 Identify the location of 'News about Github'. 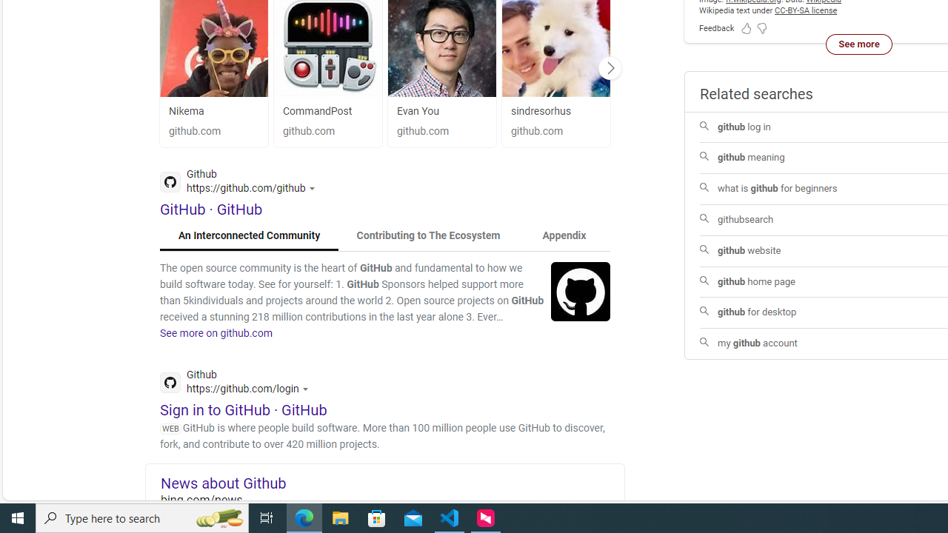
(393, 483).